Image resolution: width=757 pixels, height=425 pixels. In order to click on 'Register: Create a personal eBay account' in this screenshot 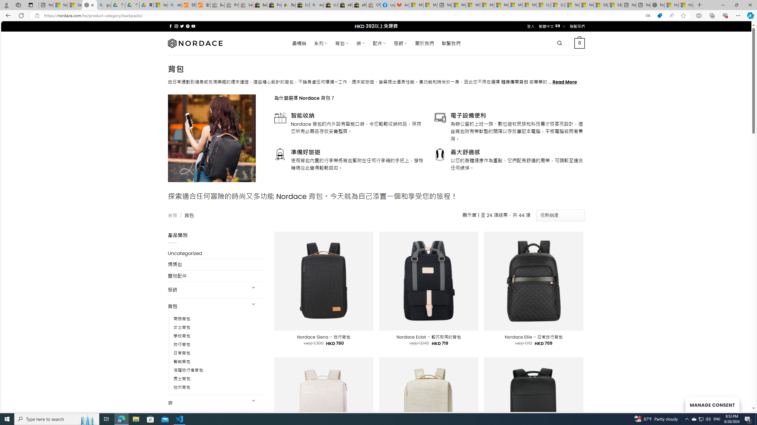, I will do `click(288, 5)`.